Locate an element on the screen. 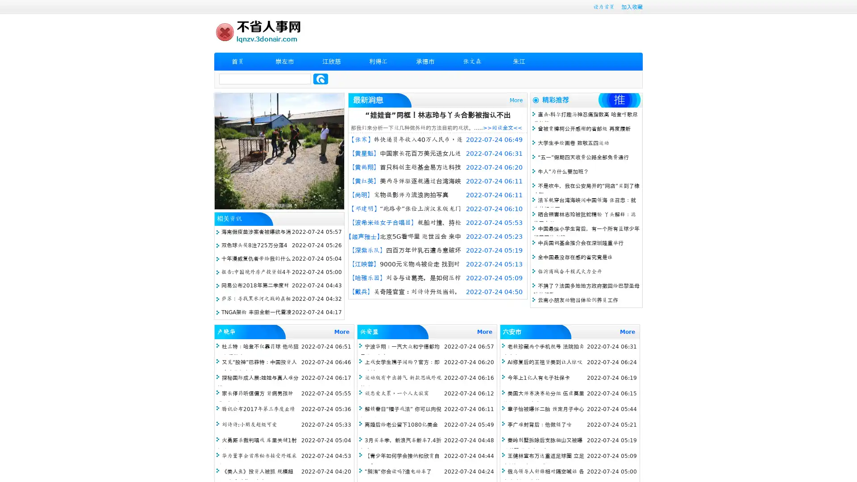 This screenshot has height=482, width=857. Search is located at coordinates (320, 79).